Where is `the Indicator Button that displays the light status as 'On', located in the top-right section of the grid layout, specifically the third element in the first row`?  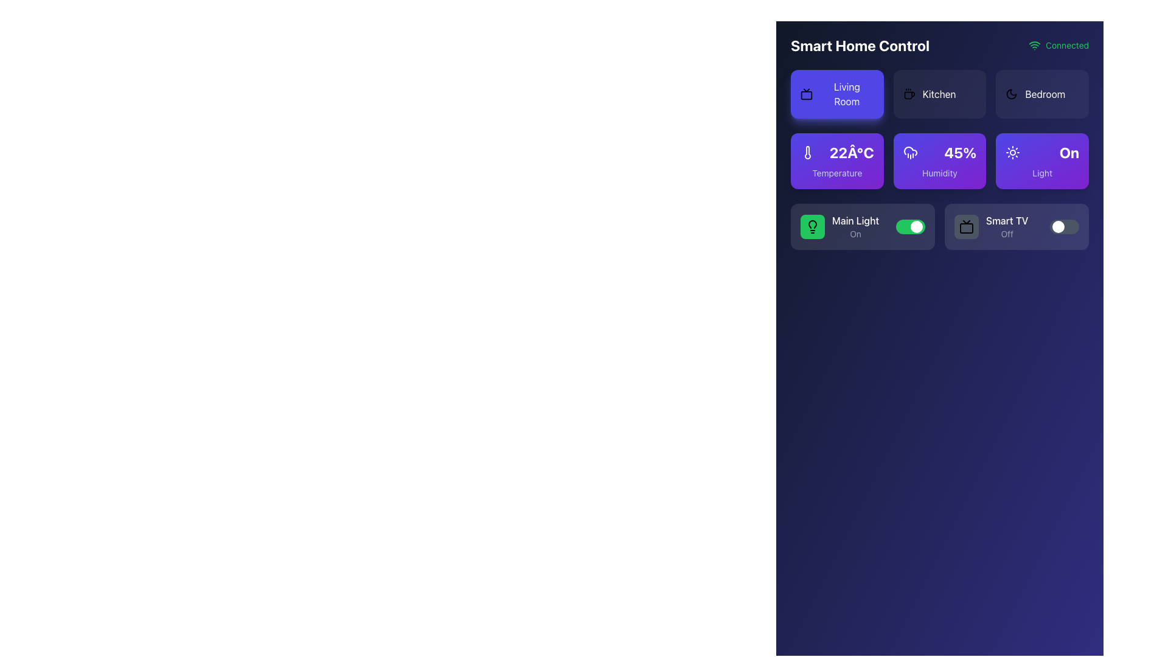
the Indicator Button that displays the light status as 'On', located in the top-right section of the grid layout, specifically the third element in the first row is located at coordinates (1041, 161).